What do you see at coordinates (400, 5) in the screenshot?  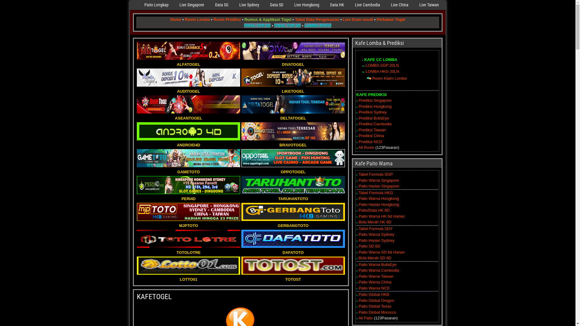 I see `'Live China'` at bounding box center [400, 5].